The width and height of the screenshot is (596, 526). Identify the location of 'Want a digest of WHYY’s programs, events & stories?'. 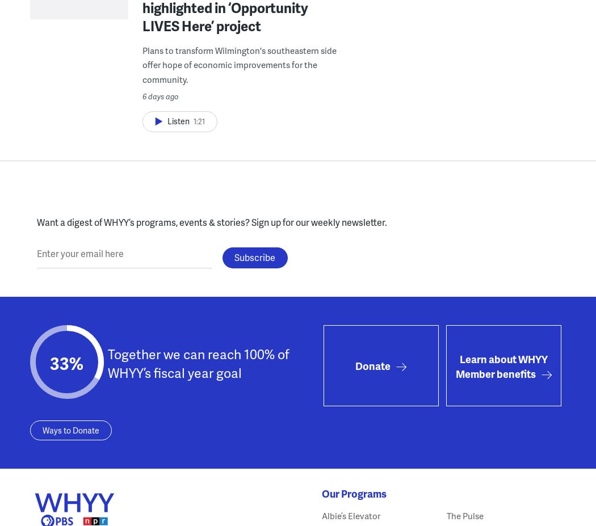
(143, 221).